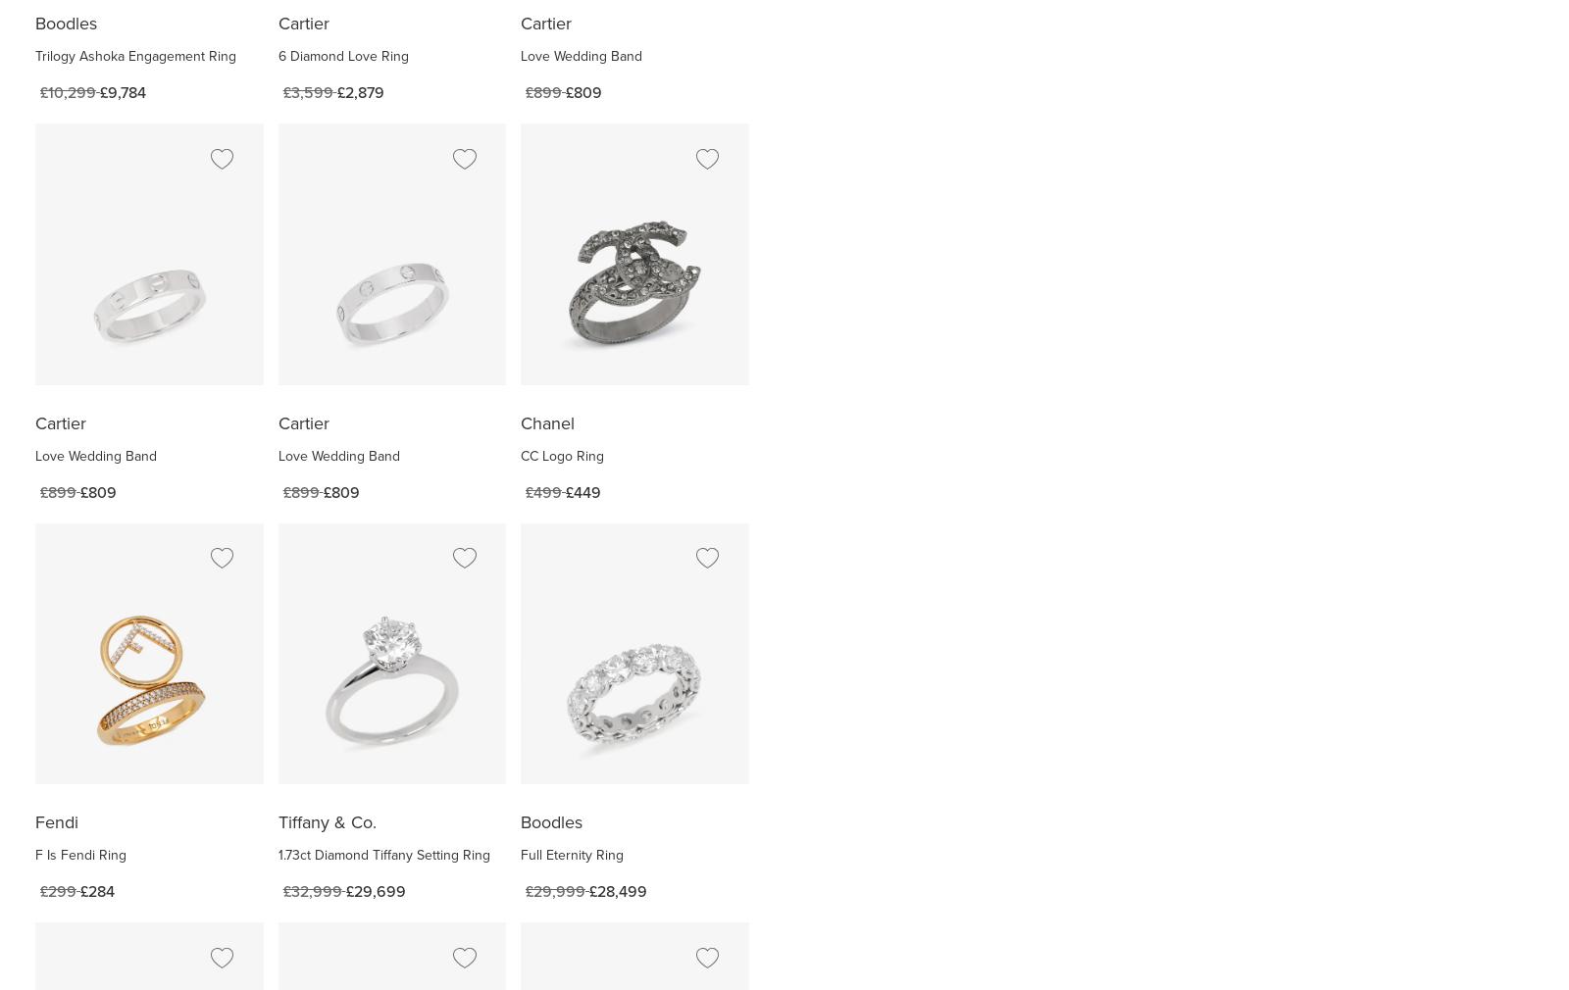 This screenshot has width=1569, height=990. I want to click on 'CC Logo Ring', so click(561, 455).